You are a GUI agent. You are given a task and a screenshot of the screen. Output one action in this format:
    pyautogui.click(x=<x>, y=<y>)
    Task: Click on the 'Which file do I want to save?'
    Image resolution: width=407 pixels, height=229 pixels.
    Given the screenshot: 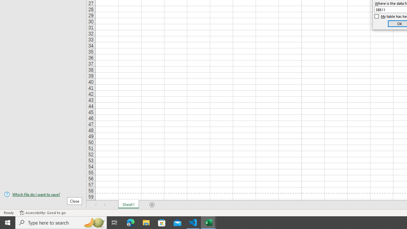 What is the action you would take?
    pyautogui.click(x=43, y=194)
    